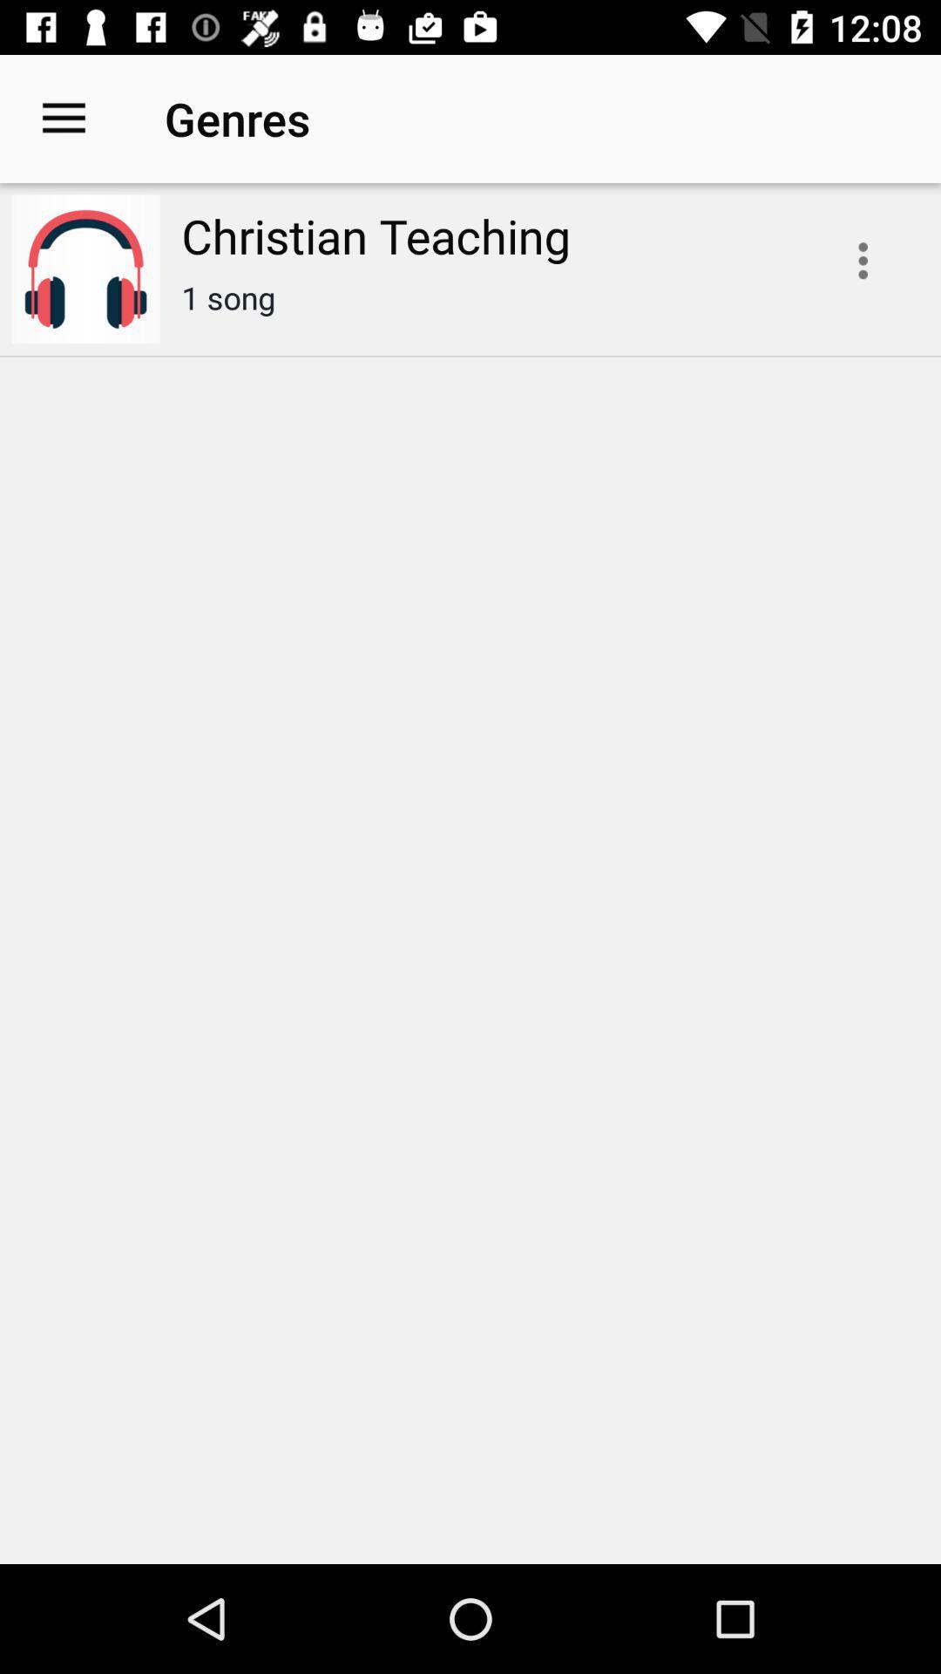 The image size is (941, 1674). Describe the element at coordinates (63, 118) in the screenshot. I see `icon to the left of the christian teaching icon` at that location.